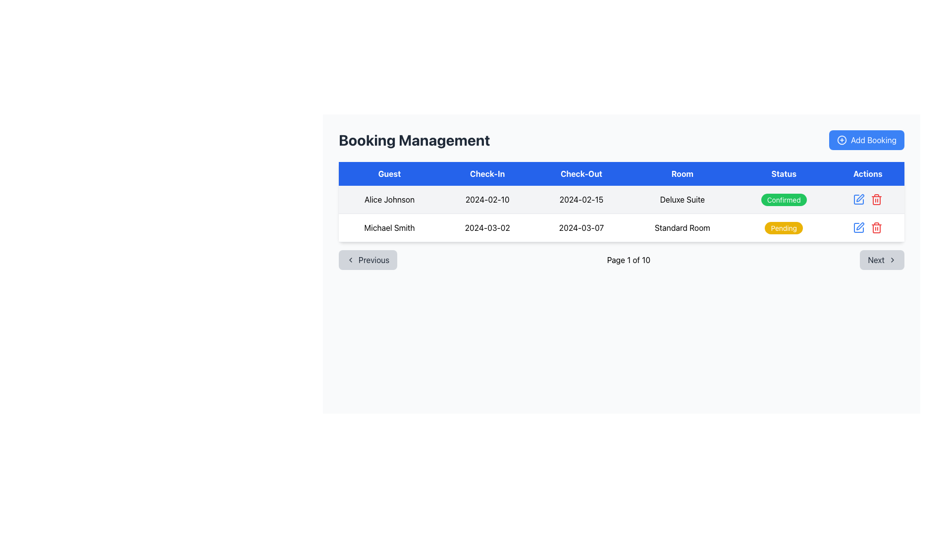  Describe the element at coordinates (783, 200) in the screenshot. I see `the green 'Confirmed' status indicator badge in the 'Status' column of Alice Johnson's hotel booking row` at that location.